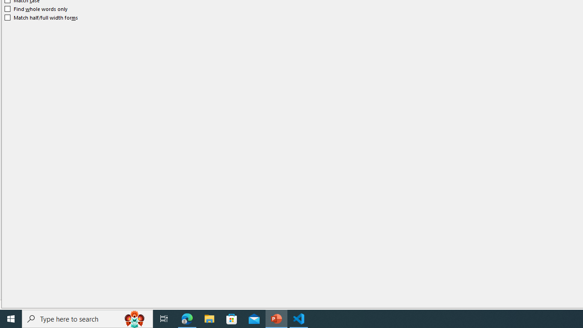 The height and width of the screenshot is (328, 583). What do you see at coordinates (41, 17) in the screenshot?
I see `'Match half/full width forms'` at bounding box center [41, 17].